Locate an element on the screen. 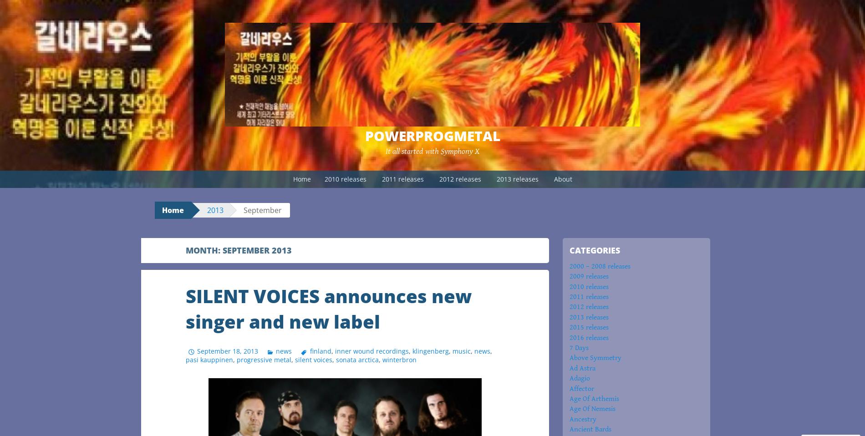  '7 Days' is located at coordinates (579, 347).